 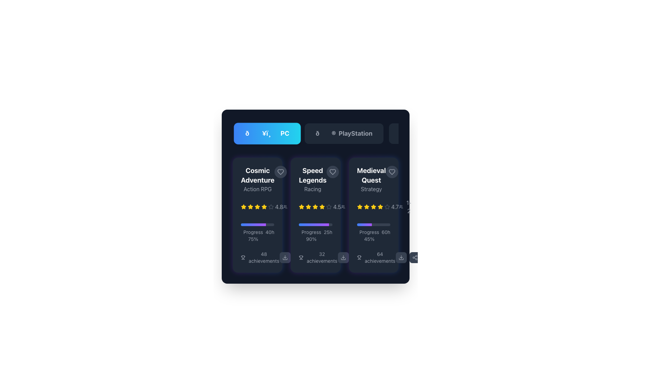 I want to click on text content of the Text Label displaying '32' above 'achievements' in the achievements progress card, so click(x=321, y=258).